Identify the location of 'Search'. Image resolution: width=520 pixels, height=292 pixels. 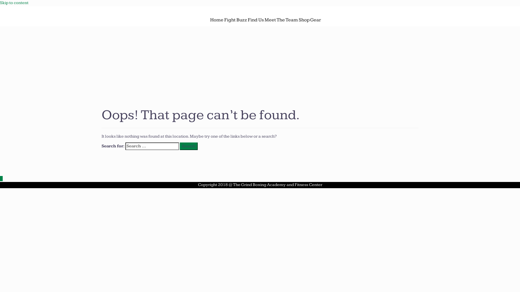
(180, 146).